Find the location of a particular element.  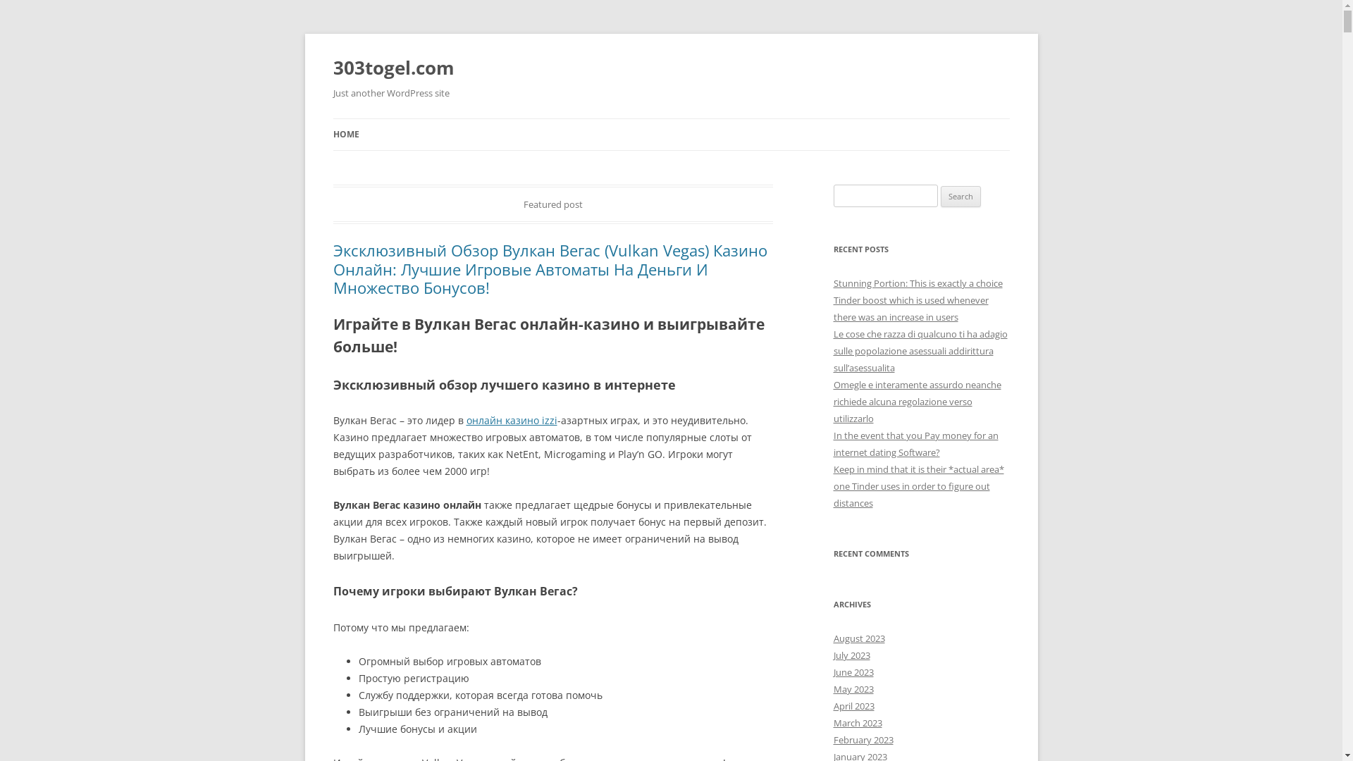

'February 2023' is located at coordinates (862, 738).